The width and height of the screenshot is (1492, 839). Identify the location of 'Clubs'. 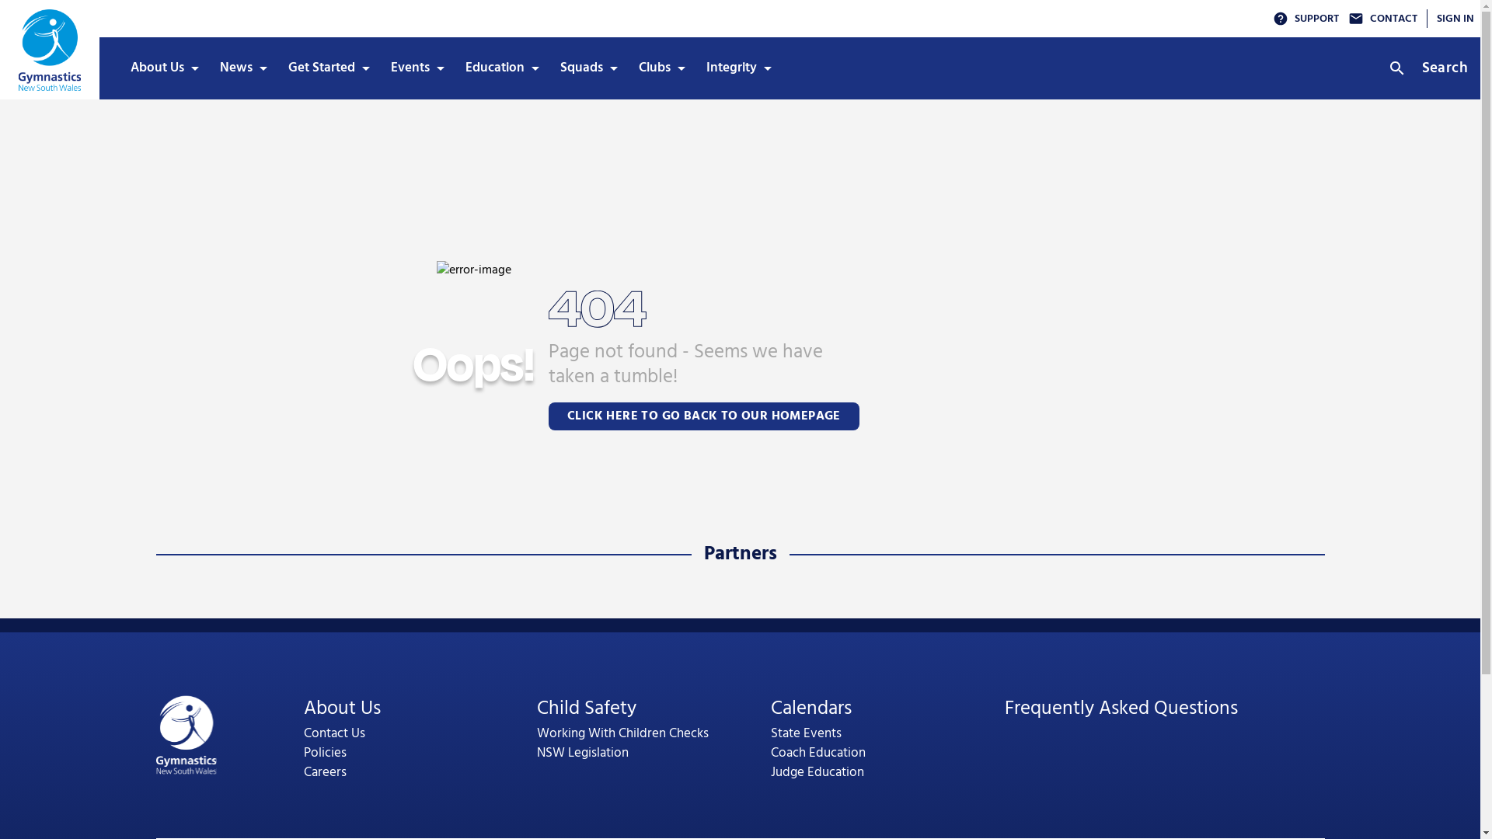
(660, 68).